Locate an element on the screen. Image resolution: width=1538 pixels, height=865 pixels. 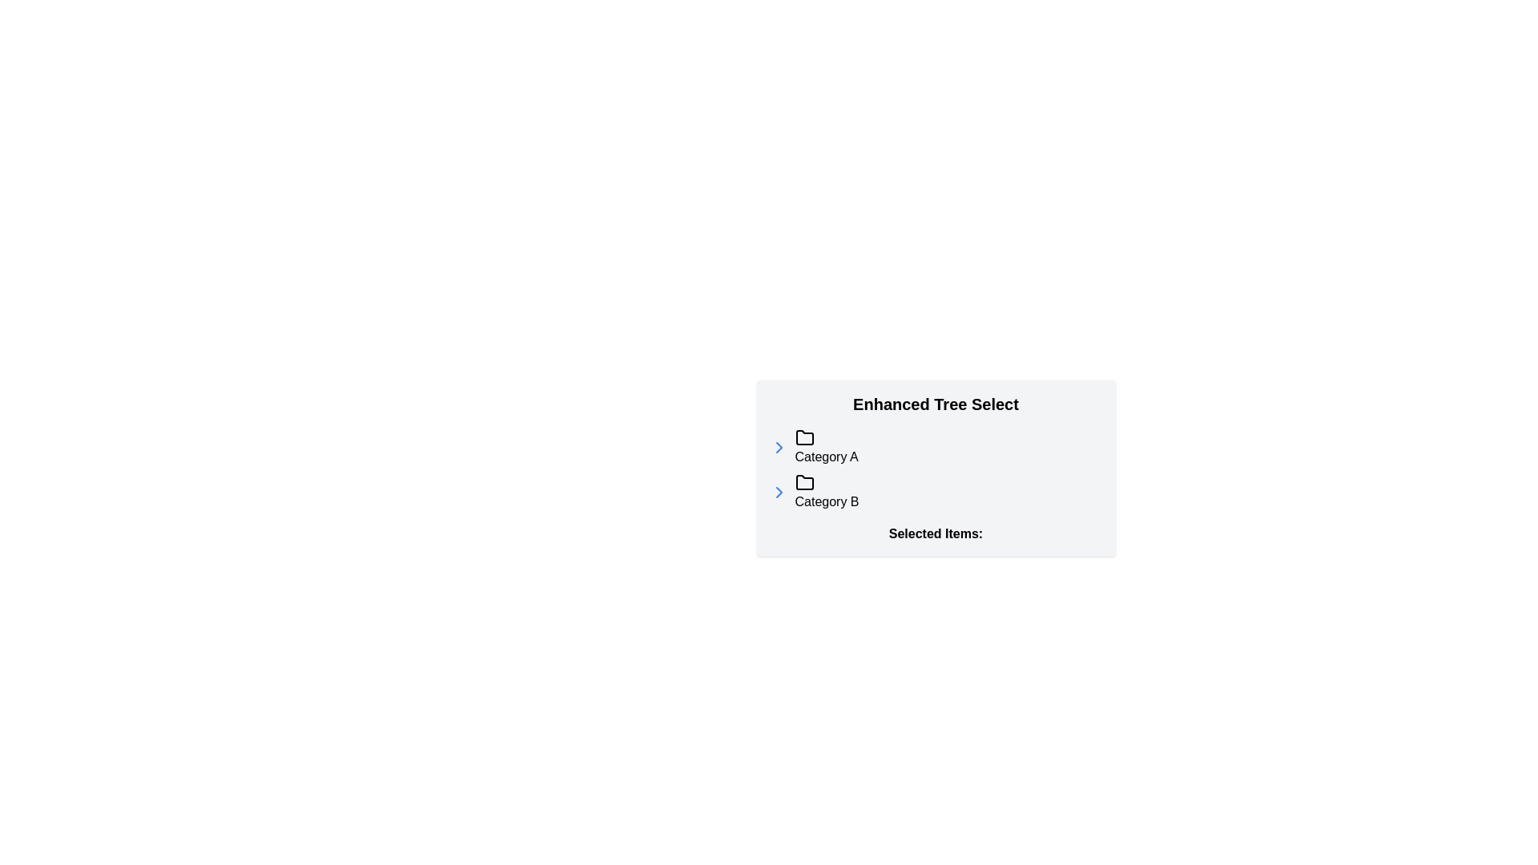
the chevron icon is located at coordinates (779, 448).